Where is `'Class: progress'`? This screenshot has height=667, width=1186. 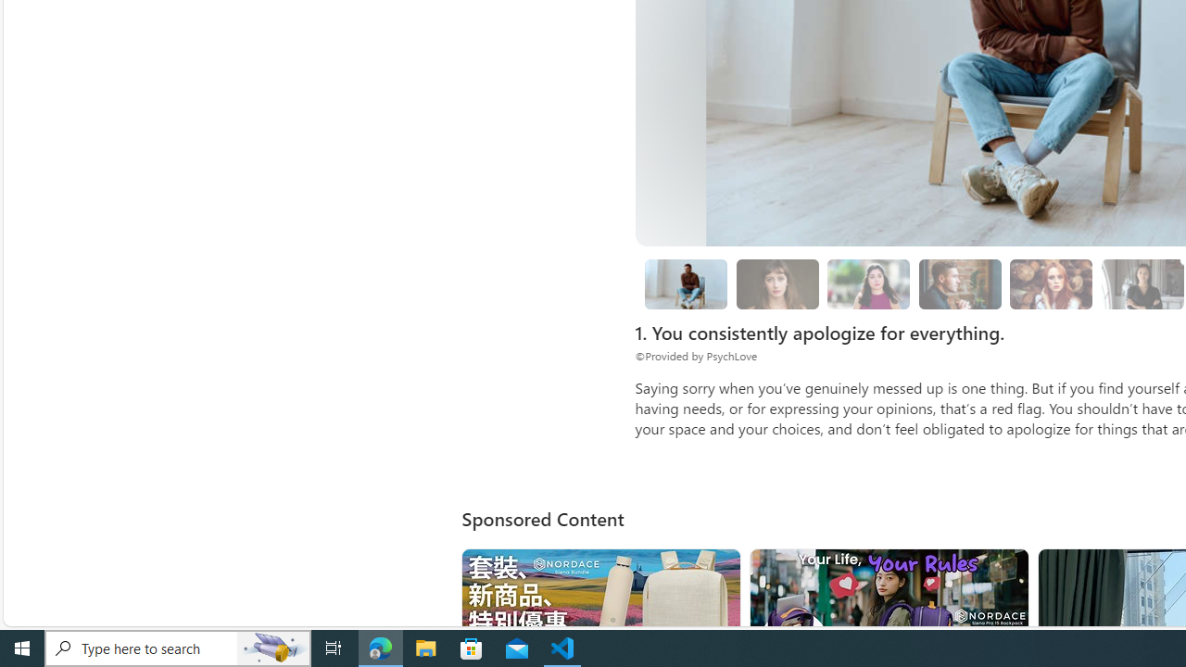 'Class: progress' is located at coordinates (1051, 281).